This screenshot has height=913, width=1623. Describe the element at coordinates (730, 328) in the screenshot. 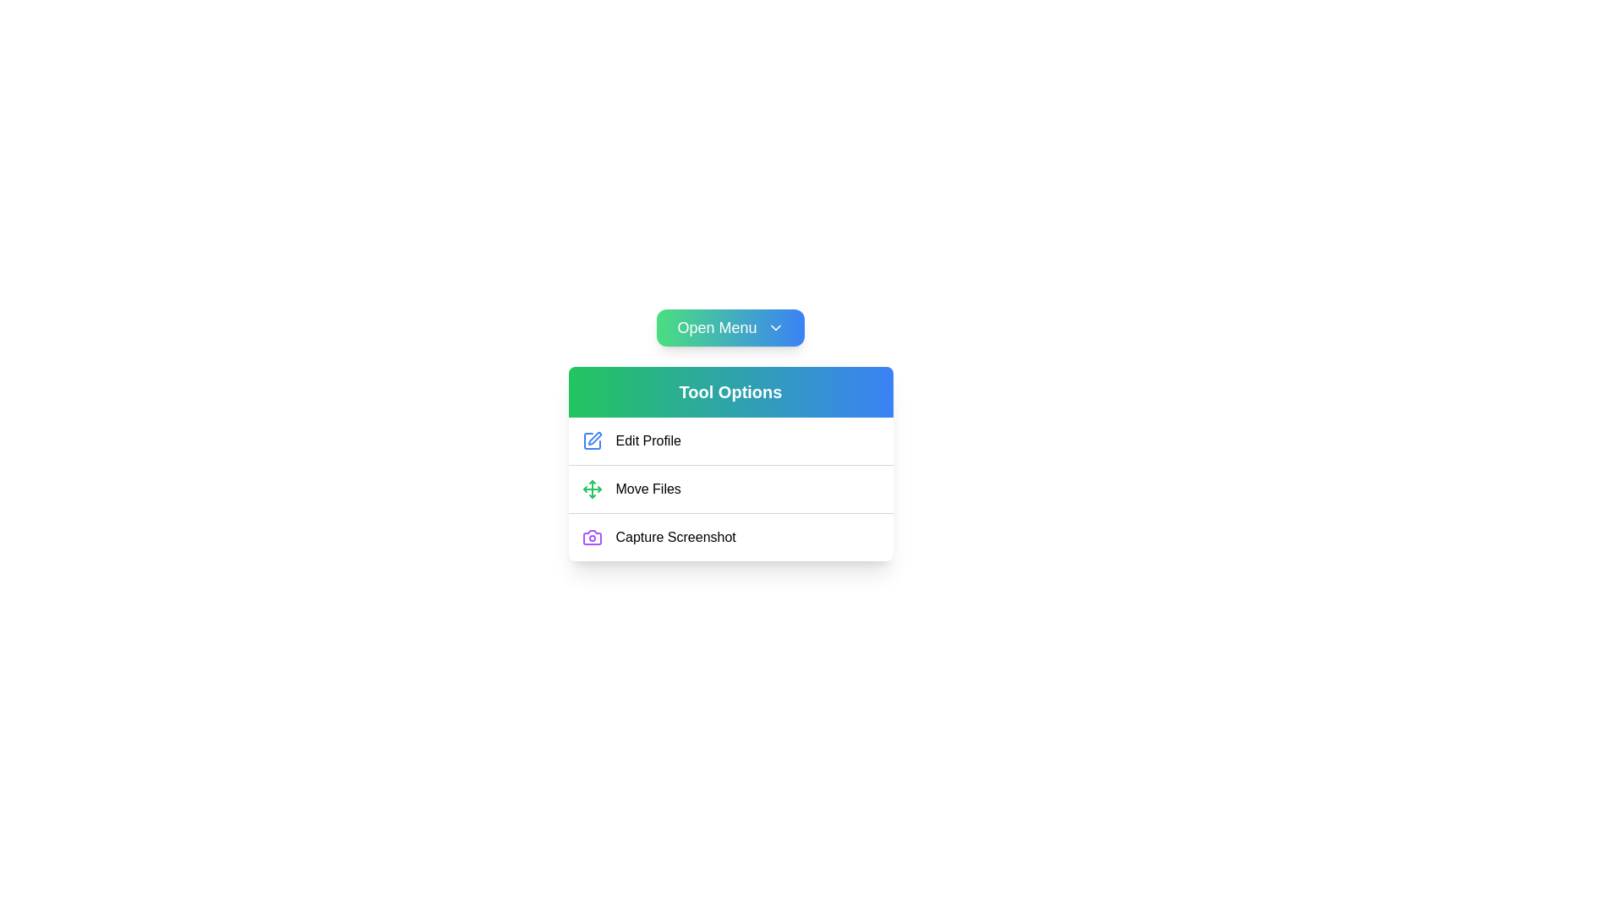

I see `the button located at the top of the vertical layout` at that location.